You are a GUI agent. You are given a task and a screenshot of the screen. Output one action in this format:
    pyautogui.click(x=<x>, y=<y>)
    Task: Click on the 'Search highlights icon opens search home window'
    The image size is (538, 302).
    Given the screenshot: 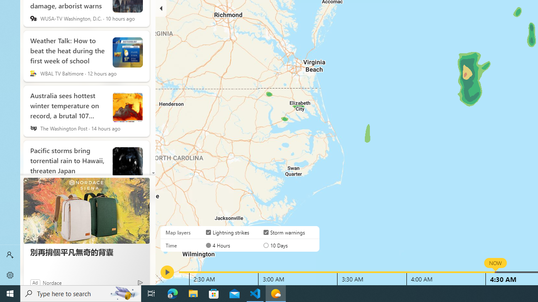 What is the action you would take?
    pyautogui.click(x=124, y=293)
    